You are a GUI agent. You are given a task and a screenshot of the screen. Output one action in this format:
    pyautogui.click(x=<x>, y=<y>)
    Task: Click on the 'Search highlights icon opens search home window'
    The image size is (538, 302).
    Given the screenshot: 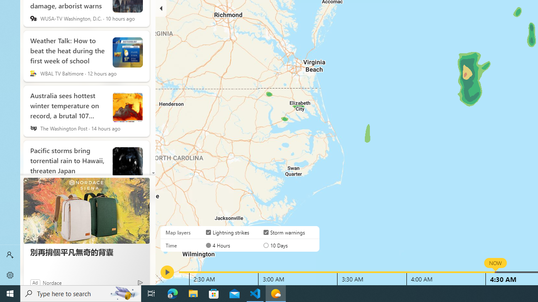 What is the action you would take?
    pyautogui.click(x=124, y=293)
    